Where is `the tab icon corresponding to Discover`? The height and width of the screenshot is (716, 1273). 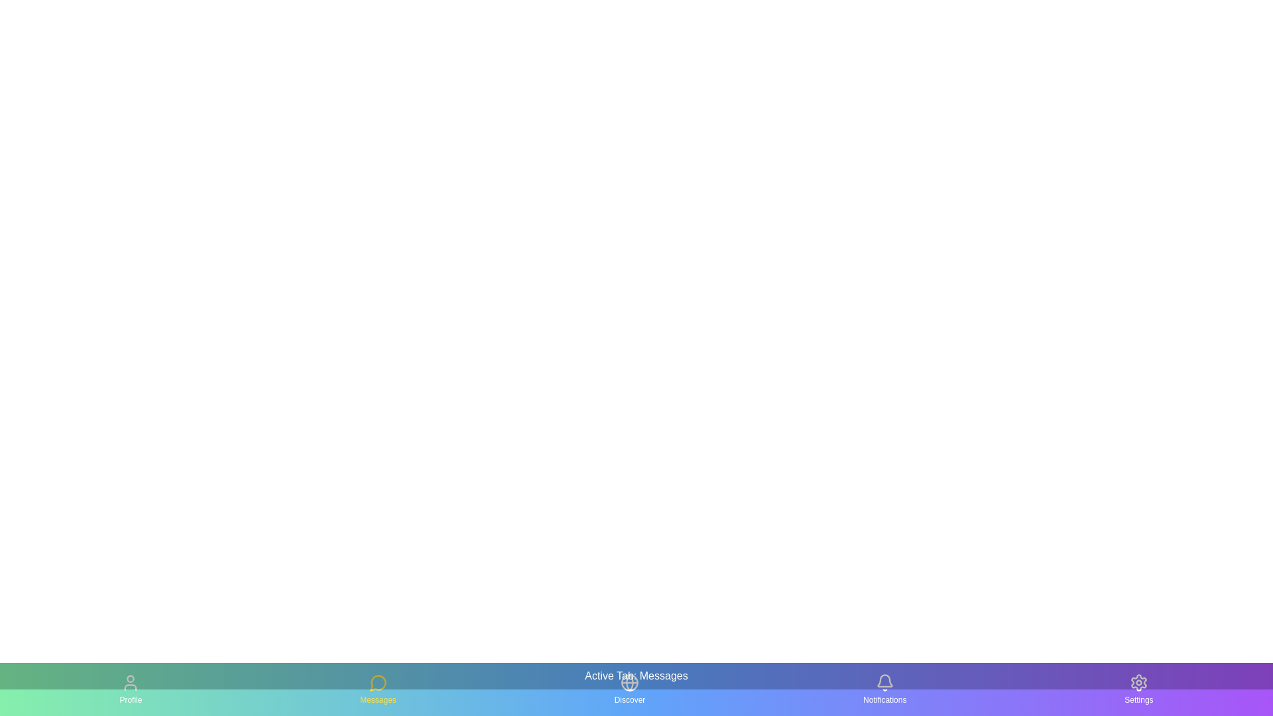
the tab icon corresponding to Discover is located at coordinates (629, 689).